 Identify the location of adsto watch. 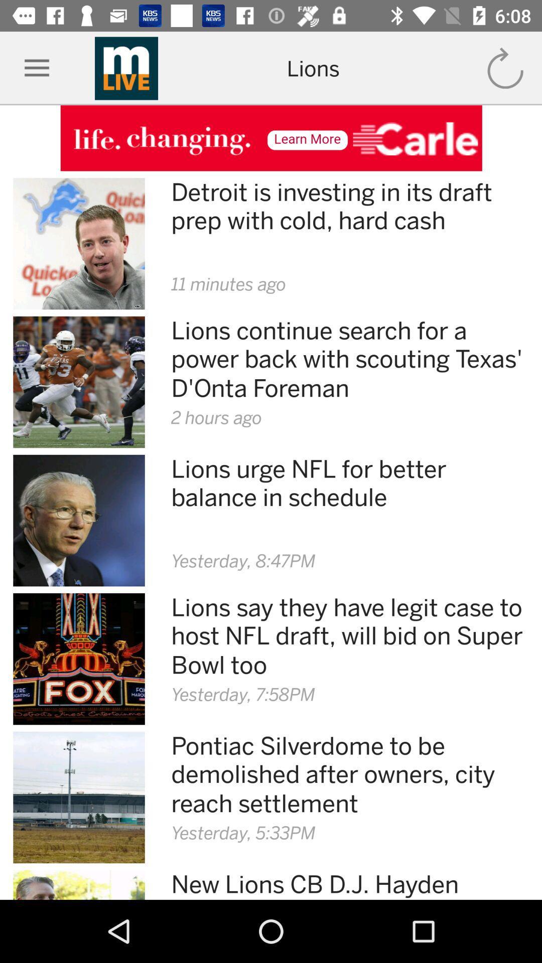
(271, 137).